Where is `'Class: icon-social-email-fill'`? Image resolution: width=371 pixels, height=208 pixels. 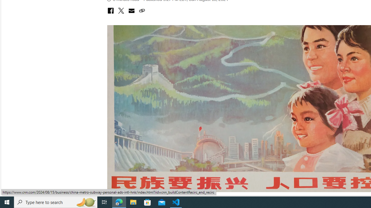
'Class: icon-social-email-fill' is located at coordinates (131, 11).